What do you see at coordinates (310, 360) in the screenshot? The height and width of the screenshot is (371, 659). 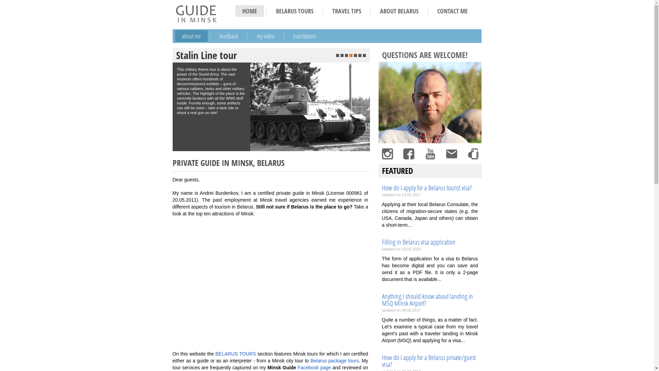 I see `'Belarus package tours'` at bounding box center [310, 360].